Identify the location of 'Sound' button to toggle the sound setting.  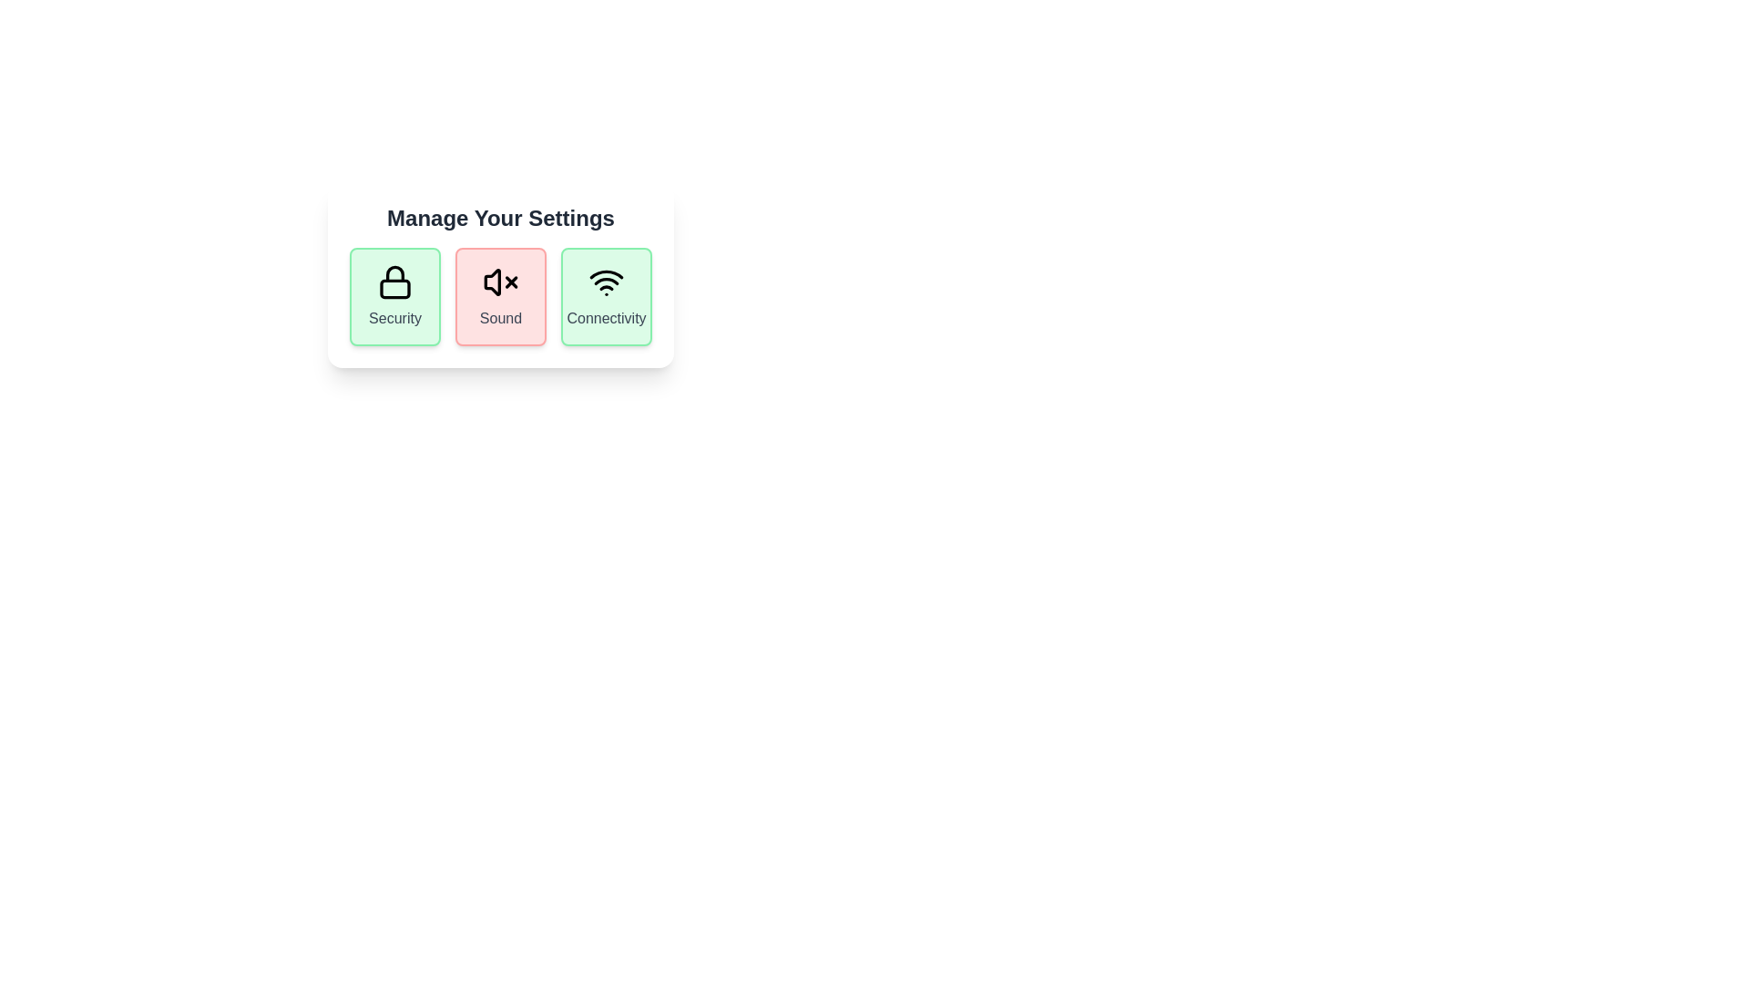
(501, 296).